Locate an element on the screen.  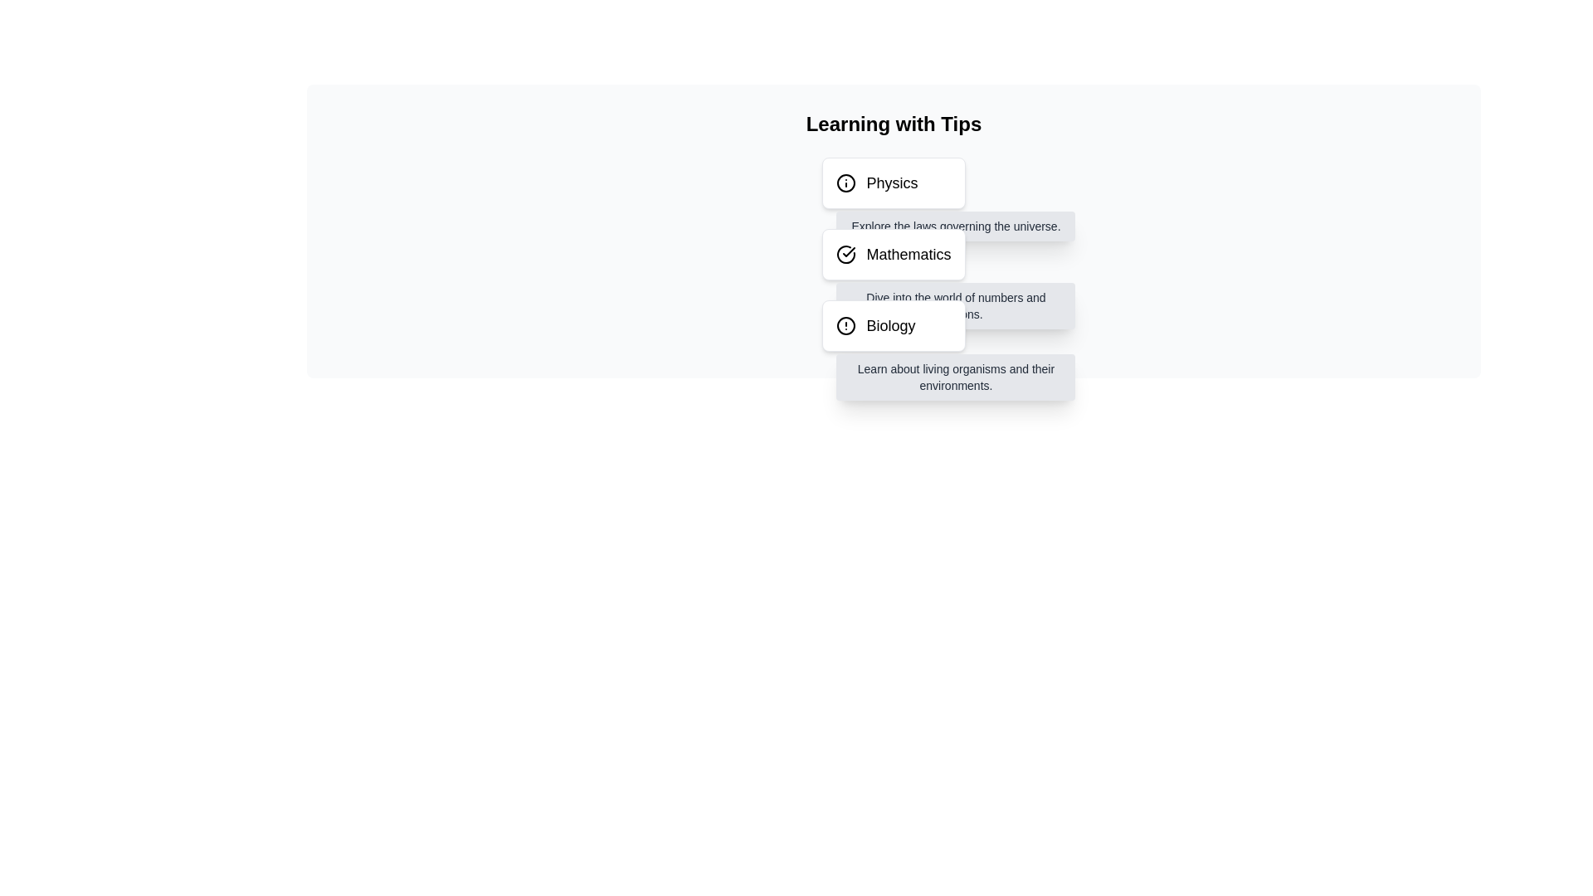
visual indicator icon that marks the 'Mathematics' item as selected or completed, located at the beginning of the row associated with the 'Mathematics' label is located at coordinates (846, 255).